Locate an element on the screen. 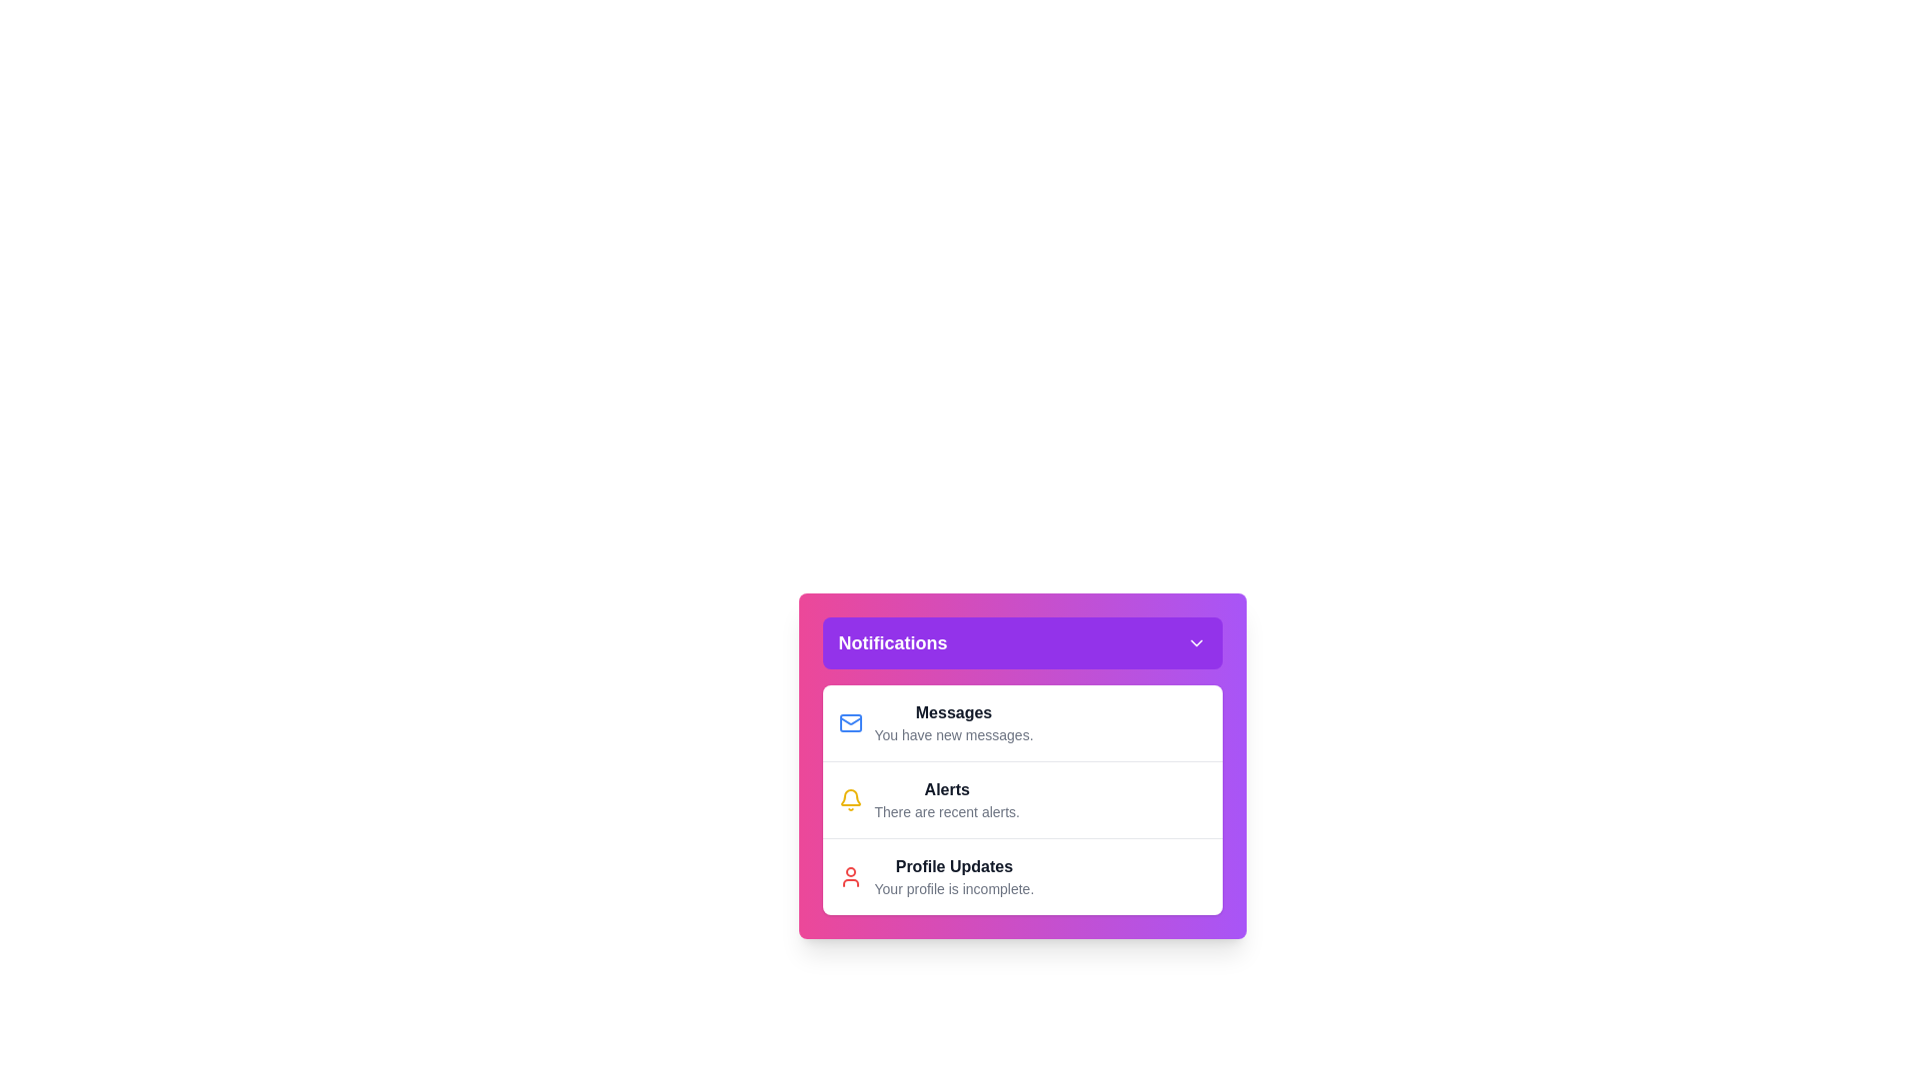 This screenshot has width=1918, height=1079. the sections within the Notification panel, which features a purple gradient background and contains headlines like 'Notifications', 'Messages', 'Alerts', and 'Profile Updates' is located at coordinates (1022, 765).